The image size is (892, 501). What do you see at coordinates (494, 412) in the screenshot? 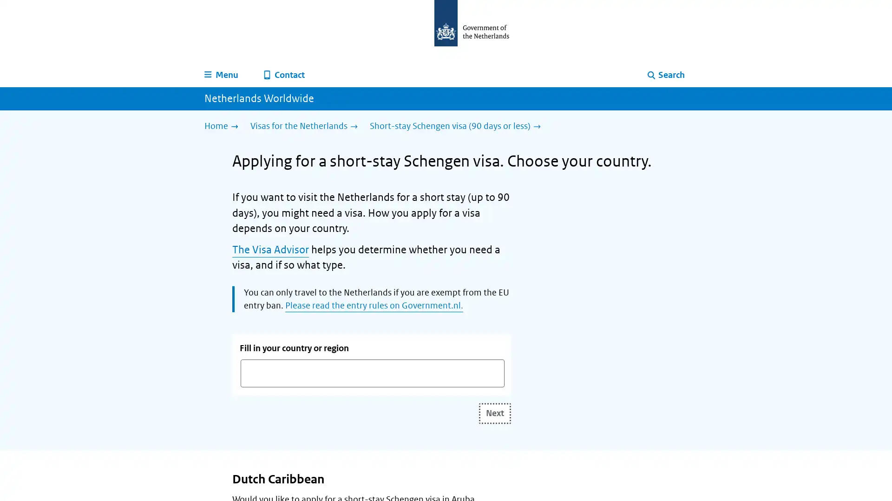
I see `Next` at bounding box center [494, 412].